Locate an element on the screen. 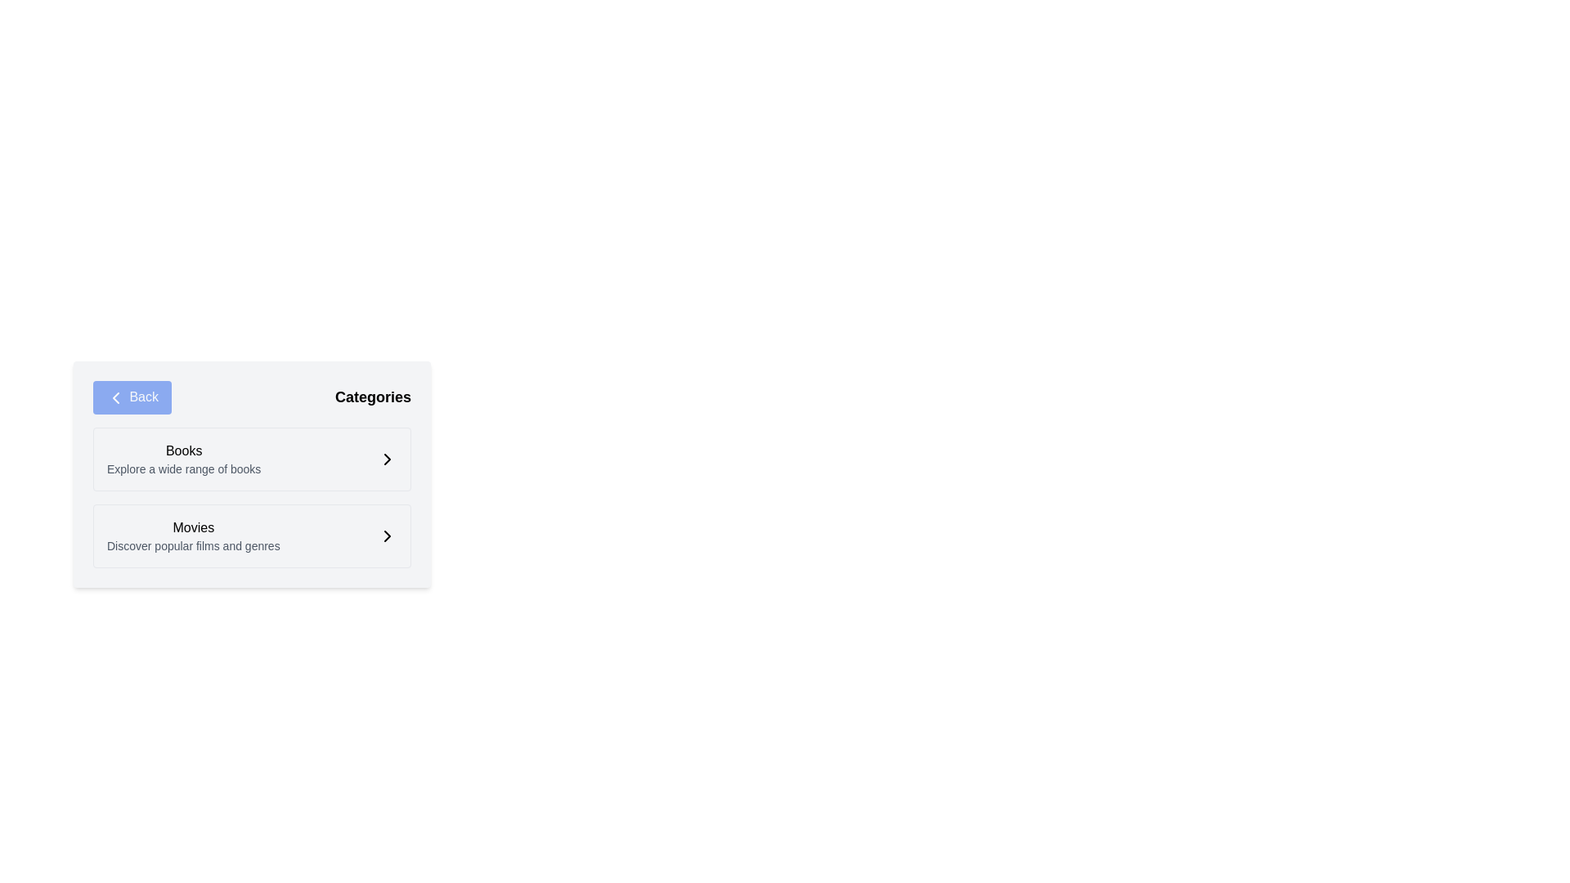 This screenshot has width=1570, height=883. the first selectable category item located beneath the title 'Categories' is located at coordinates (251, 459).